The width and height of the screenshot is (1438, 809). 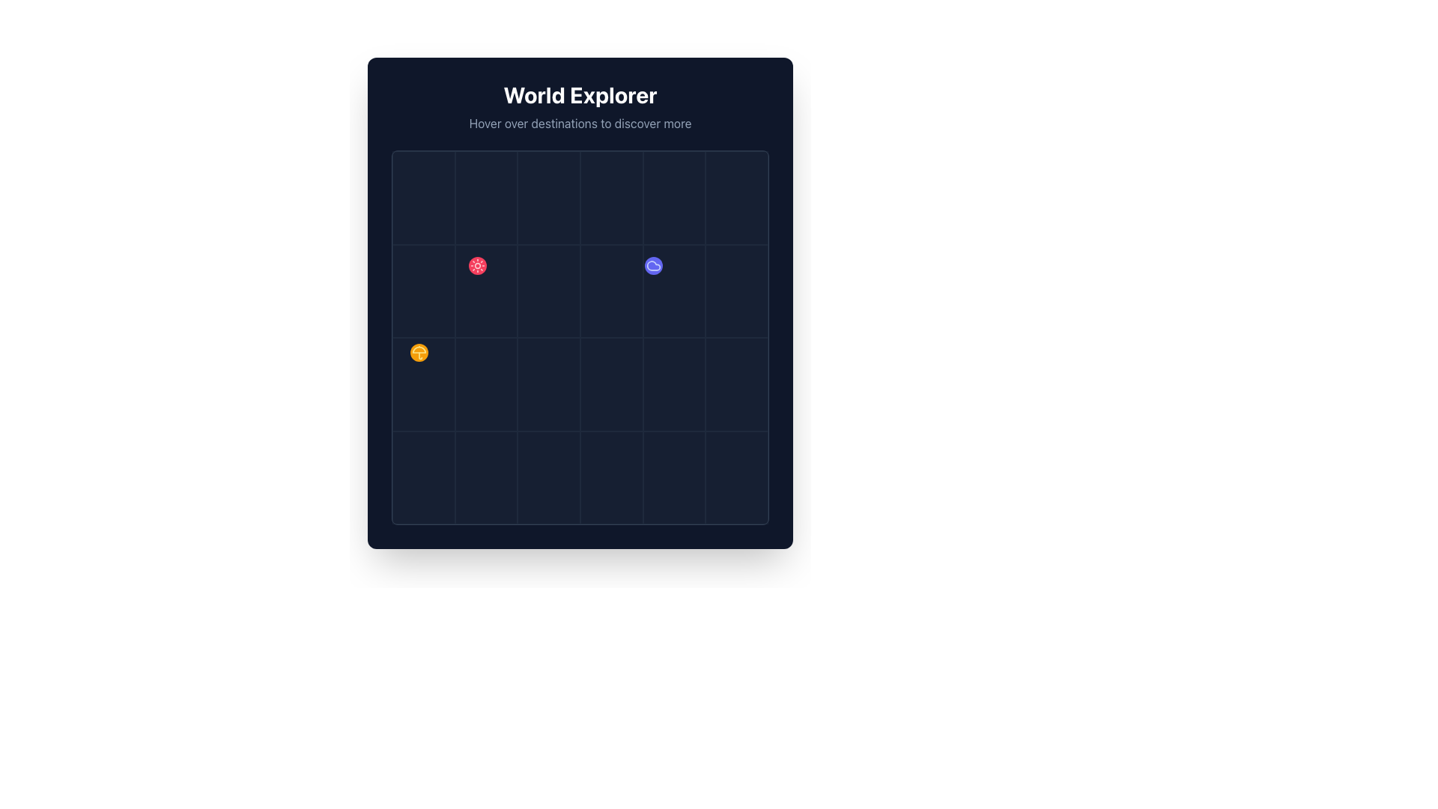 I want to click on the grid cell located at the bottom-right corner of the grid layout, which has a dark slate background and a thin light border, so click(x=737, y=477).